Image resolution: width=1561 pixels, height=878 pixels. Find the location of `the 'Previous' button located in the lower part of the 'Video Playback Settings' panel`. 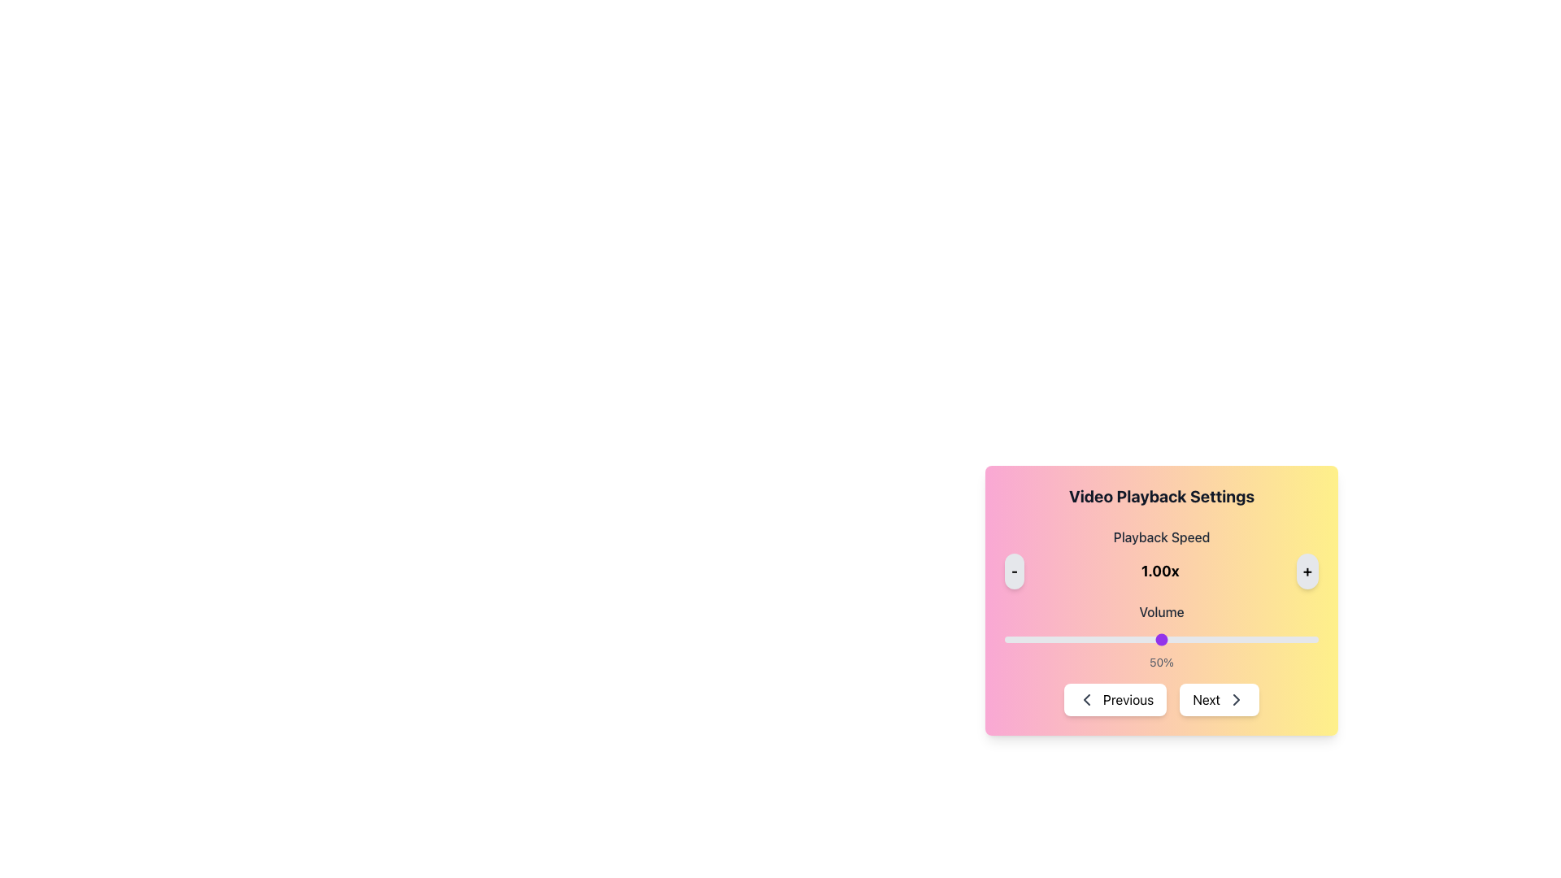

the 'Previous' button located in the lower part of the 'Video Playback Settings' panel is located at coordinates (1115, 698).